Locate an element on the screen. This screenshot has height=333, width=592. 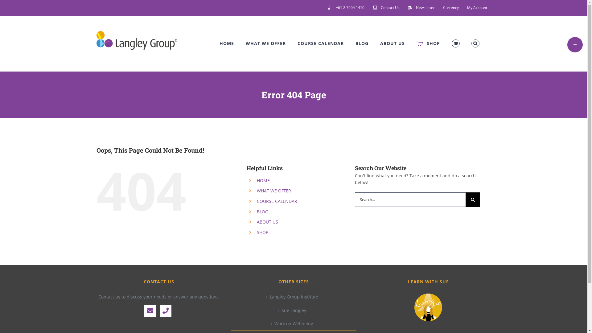
'COURSE CALENDAR' is located at coordinates (277, 201).